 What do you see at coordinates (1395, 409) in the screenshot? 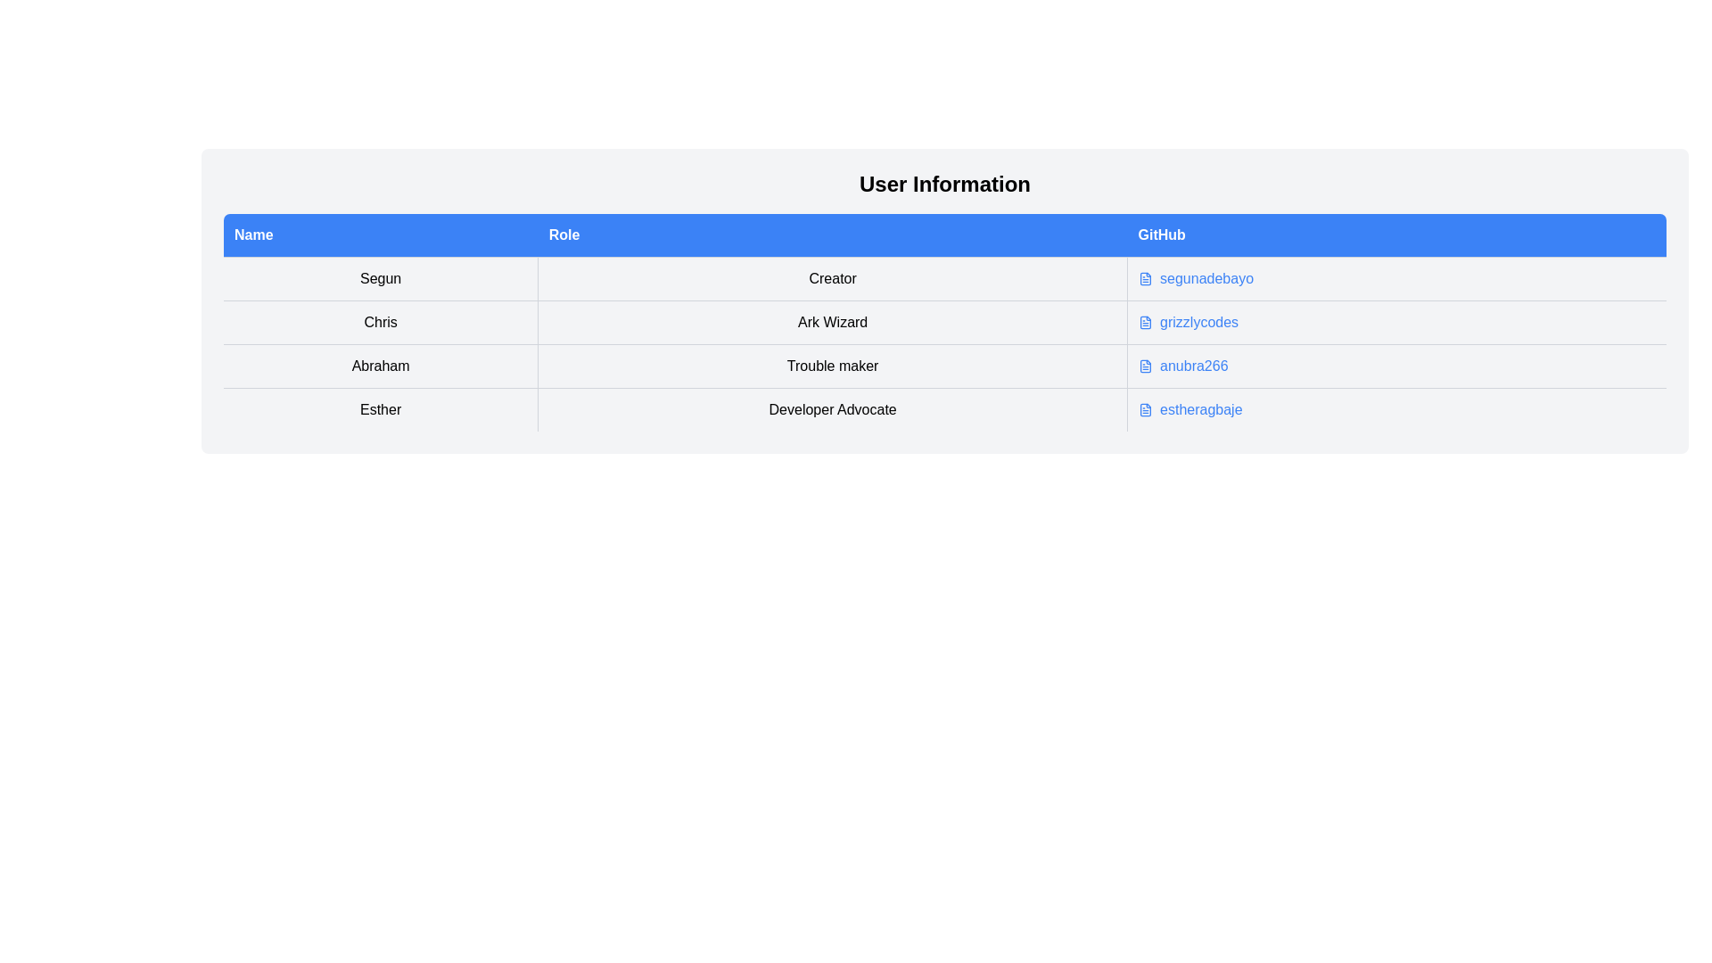
I see `the hyperlink` at bounding box center [1395, 409].